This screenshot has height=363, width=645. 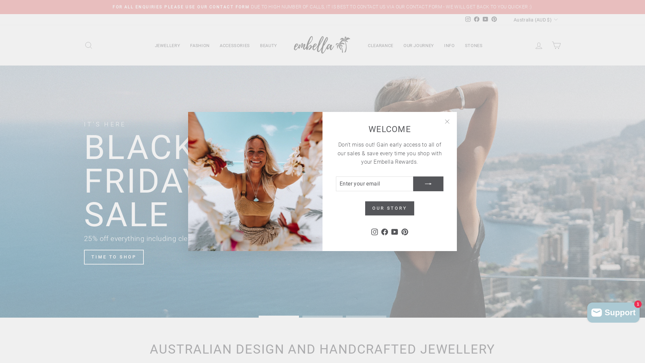 I want to click on 'JEWELLERY', so click(x=168, y=45).